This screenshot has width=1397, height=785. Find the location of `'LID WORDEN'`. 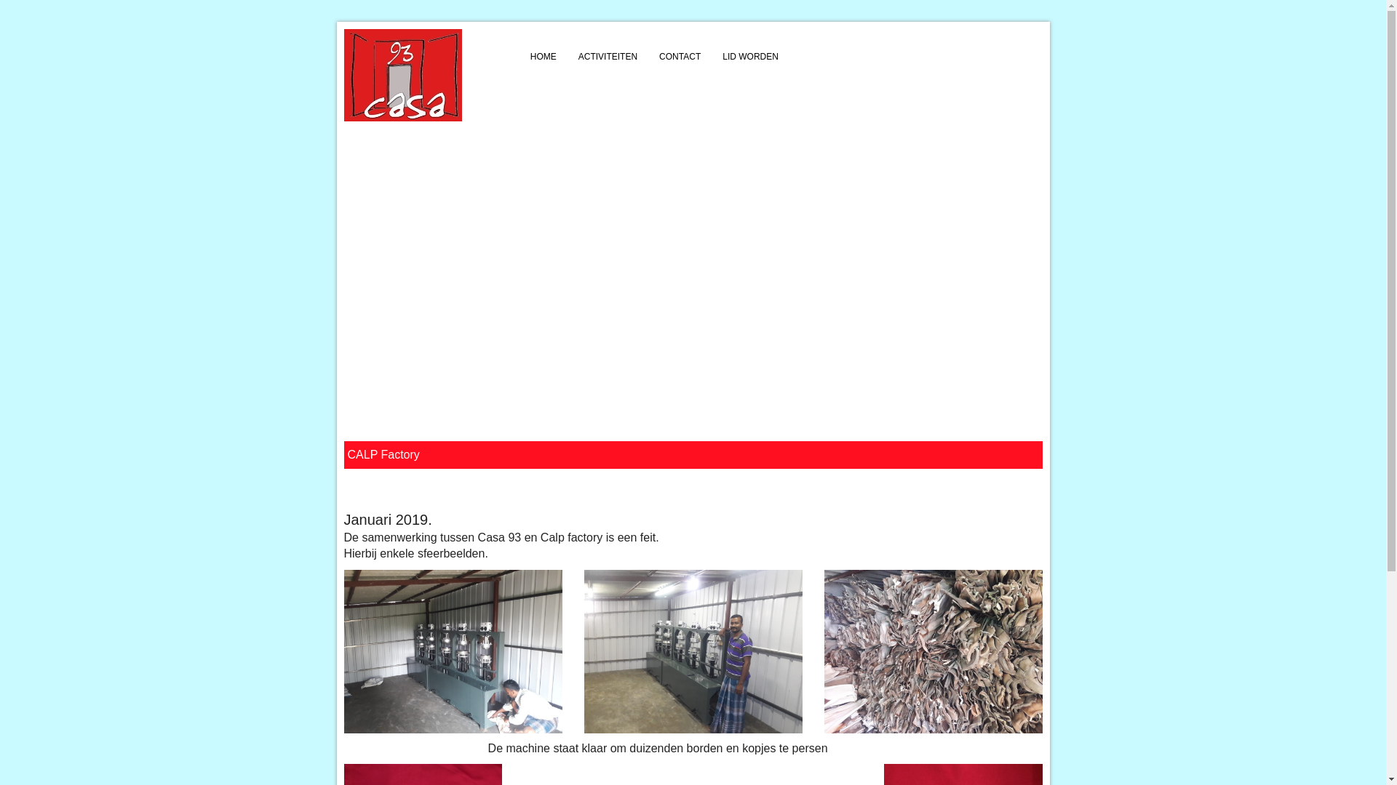

'LID WORDEN' is located at coordinates (750, 56).